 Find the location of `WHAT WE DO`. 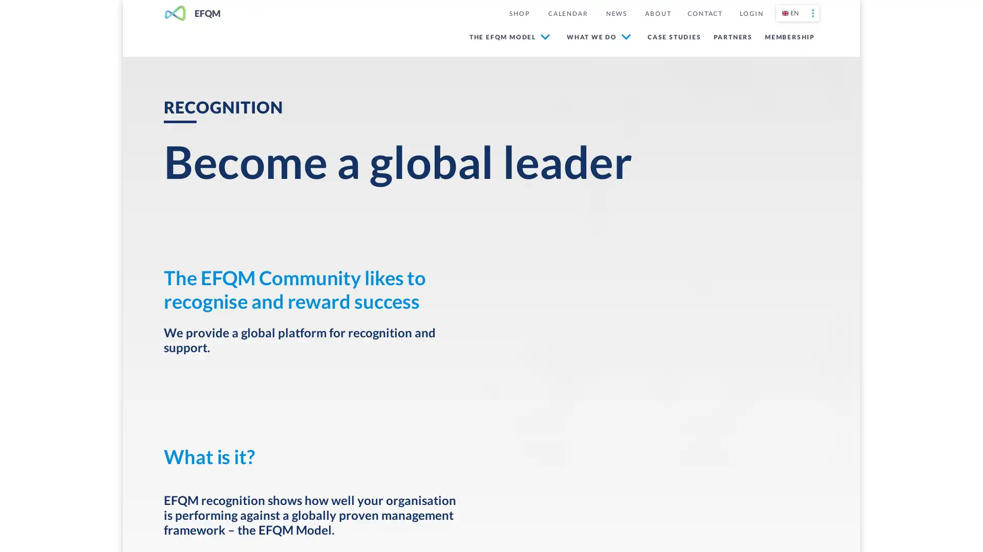

WHAT WE DO is located at coordinates (599, 36).